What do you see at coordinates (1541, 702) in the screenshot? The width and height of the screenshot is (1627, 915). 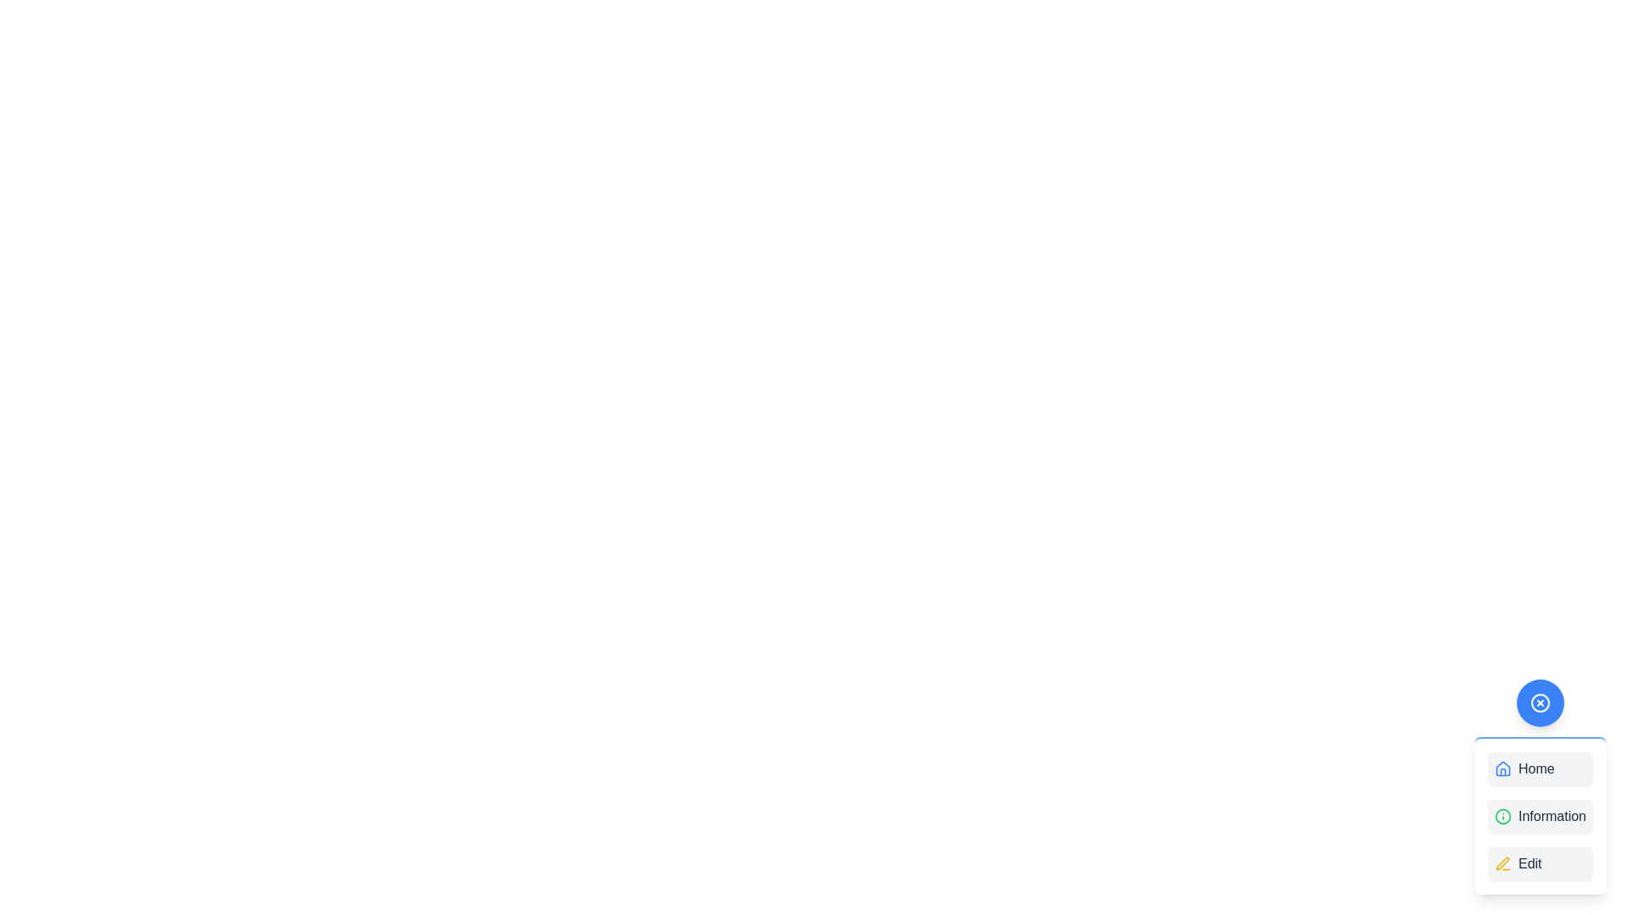 I see `the circular blue button with a white outlined 'X' icon at its center` at bounding box center [1541, 702].